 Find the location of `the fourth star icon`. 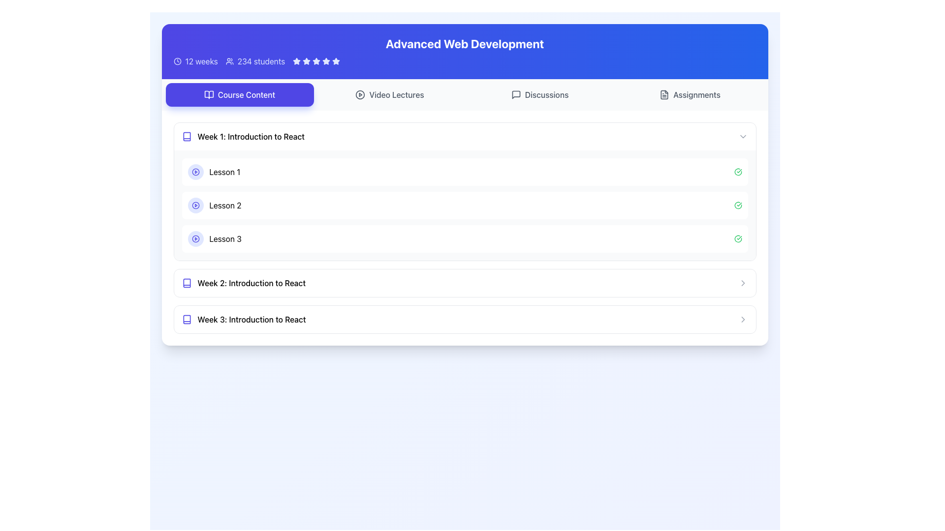

the fourth star icon is located at coordinates (326, 61).